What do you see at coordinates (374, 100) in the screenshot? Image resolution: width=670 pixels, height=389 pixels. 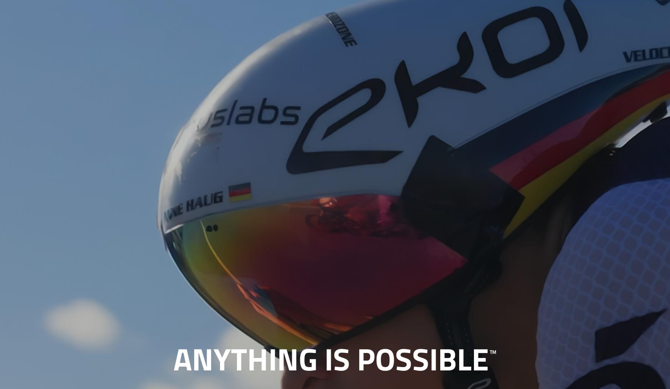 I see `'15% discount'` at bounding box center [374, 100].